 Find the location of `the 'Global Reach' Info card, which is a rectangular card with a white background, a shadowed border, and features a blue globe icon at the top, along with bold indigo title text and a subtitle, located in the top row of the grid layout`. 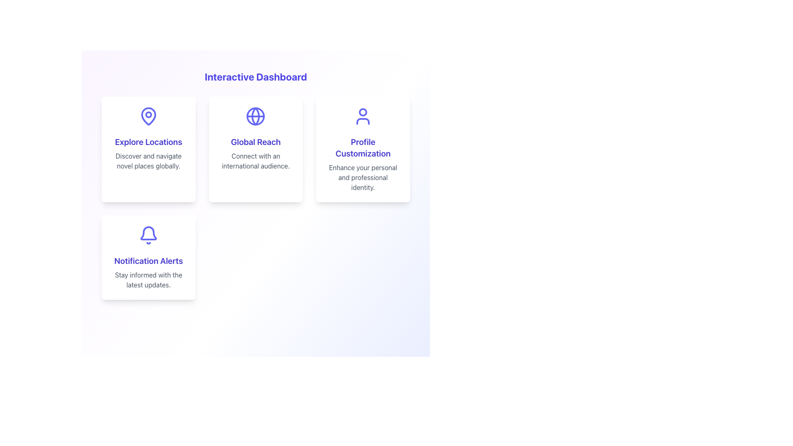

the 'Global Reach' Info card, which is a rectangular card with a white background, a shadowed border, and features a blue globe icon at the top, along with bold indigo title text and a subtitle, located in the top row of the grid layout is located at coordinates (255, 149).